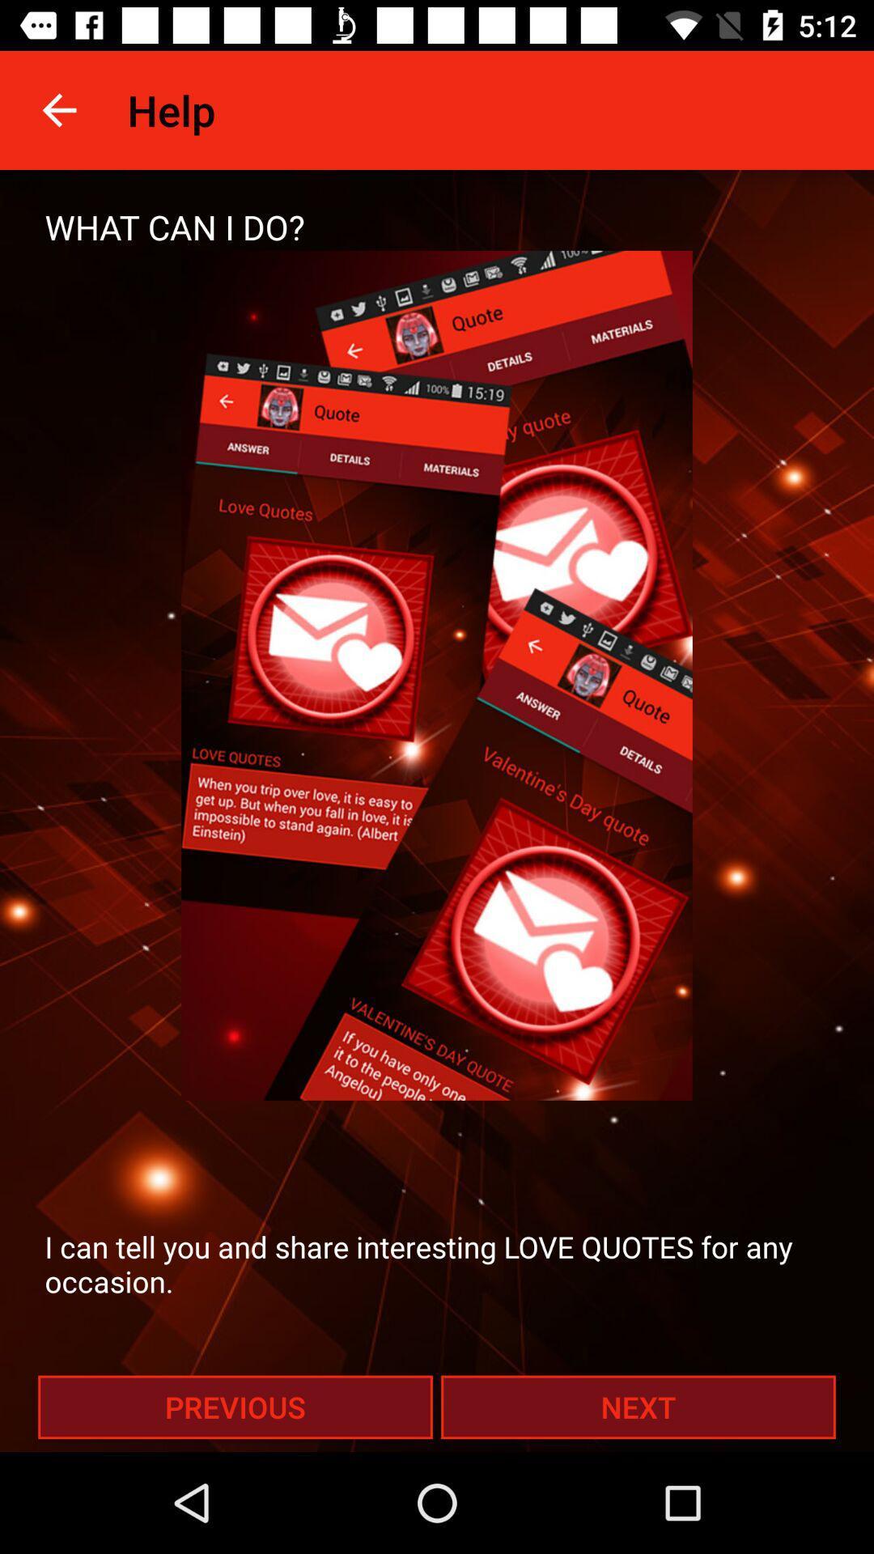  What do you see at coordinates (638, 1406) in the screenshot?
I see `next icon` at bounding box center [638, 1406].